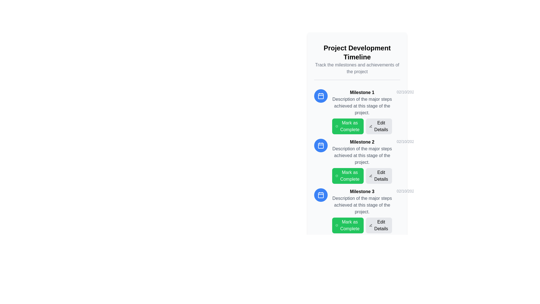 The height and width of the screenshot is (304, 540). I want to click on the non-interactive date display label for the first milestone in the timeline, located on the right side of the milestone details, so click(406, 92).